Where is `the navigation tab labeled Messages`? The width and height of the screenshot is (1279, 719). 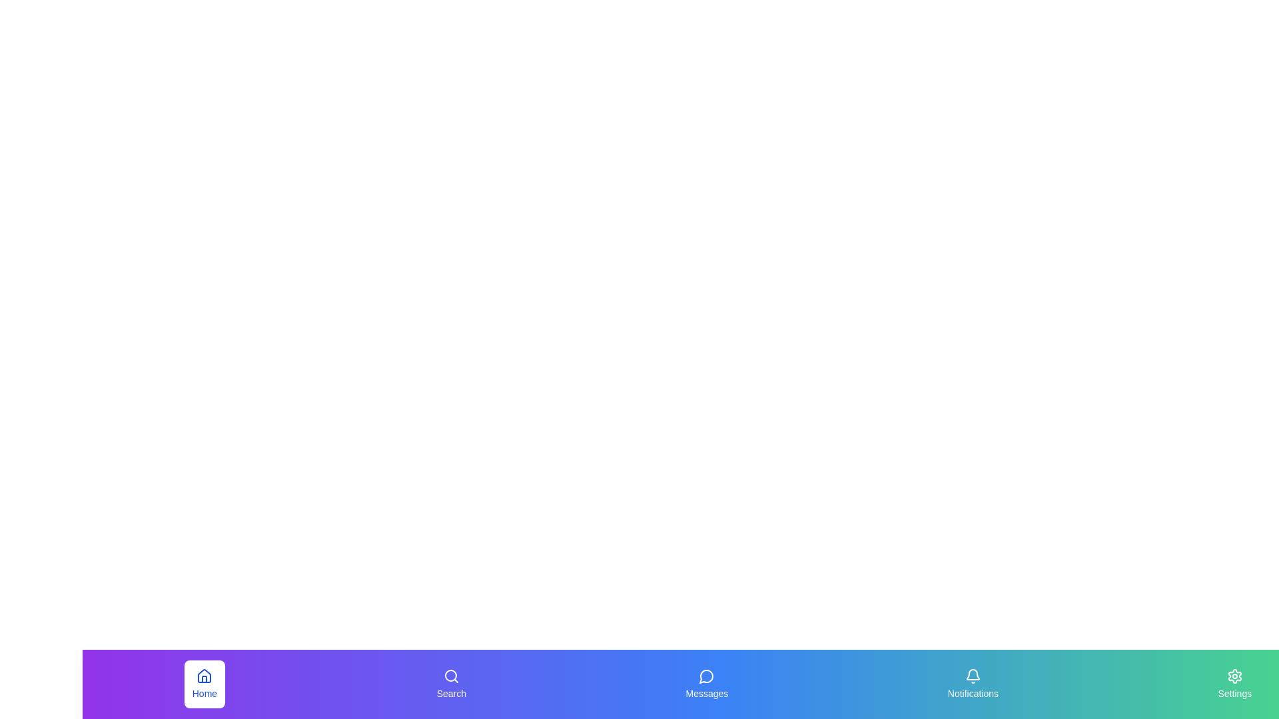 the navigation tab labeled Messages is located at coordinates (705, 684).